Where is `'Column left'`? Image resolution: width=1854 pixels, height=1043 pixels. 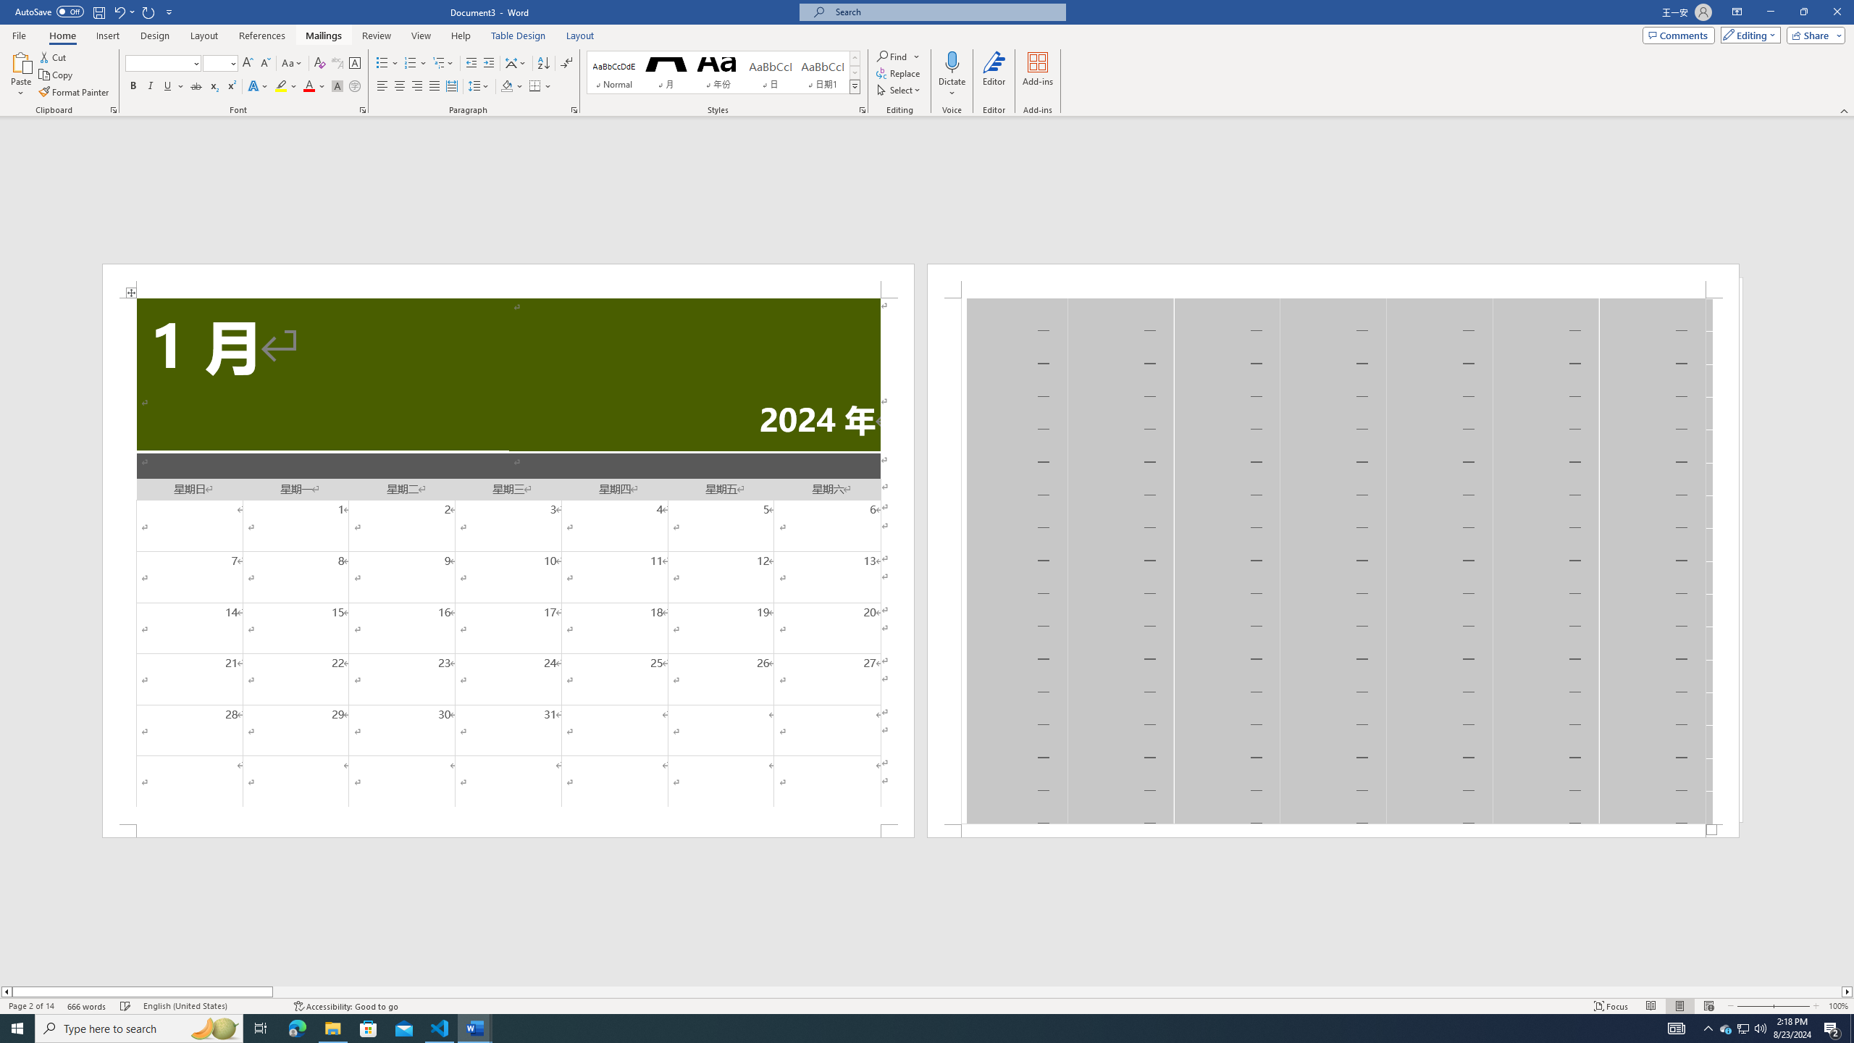 'Column left' is located at coordinates (6, 991).